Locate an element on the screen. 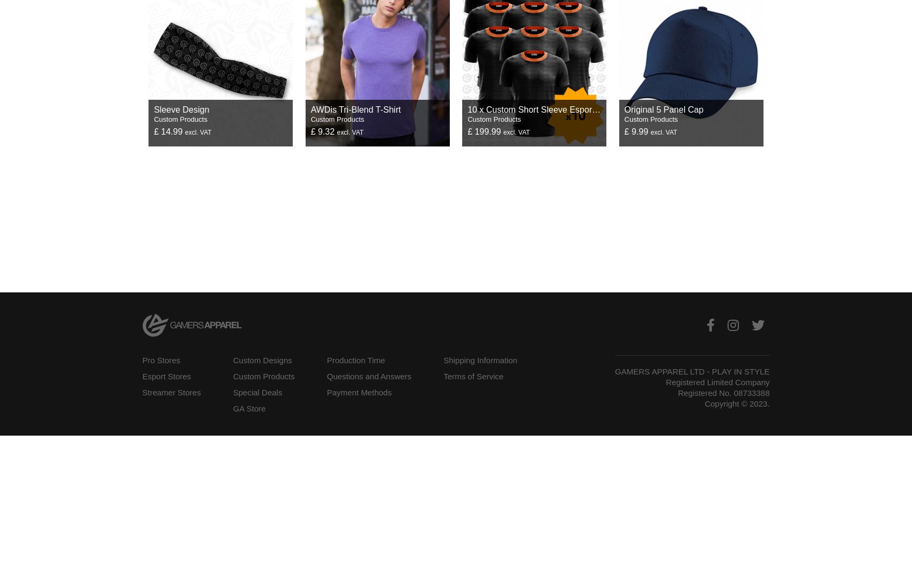 The height and width of the screenshot is (566, 912). 'Esport Stores' is located at coordinates (166, 376).